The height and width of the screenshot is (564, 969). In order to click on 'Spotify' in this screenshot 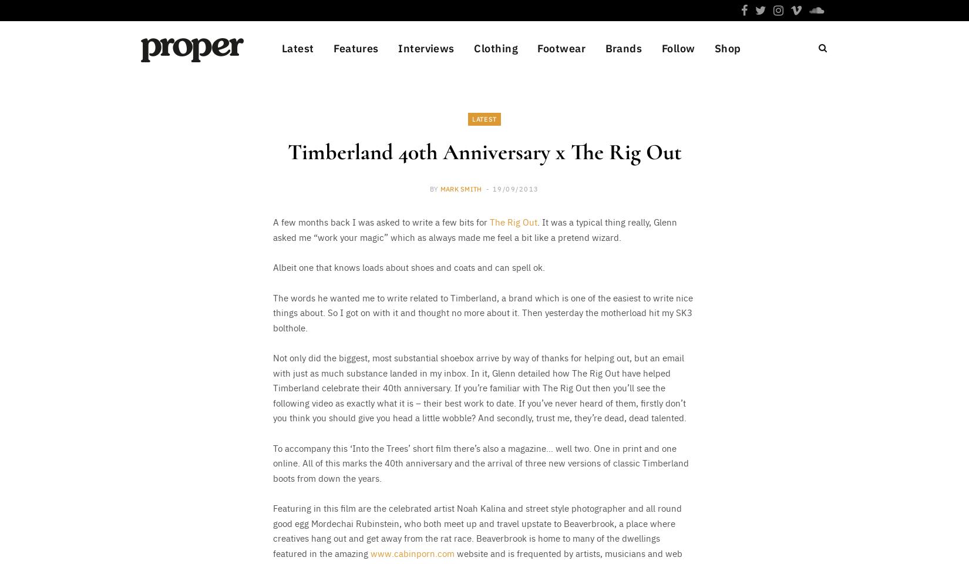, I will do `click(665, 263)`.